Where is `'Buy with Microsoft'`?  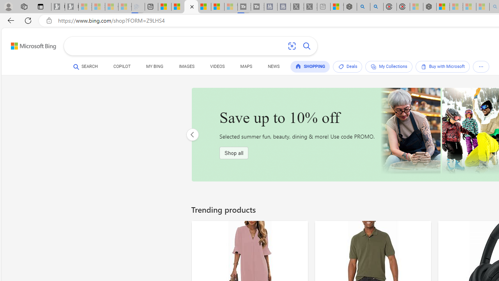 'Buy with Microsoft' is located at coordinates (442, 66).